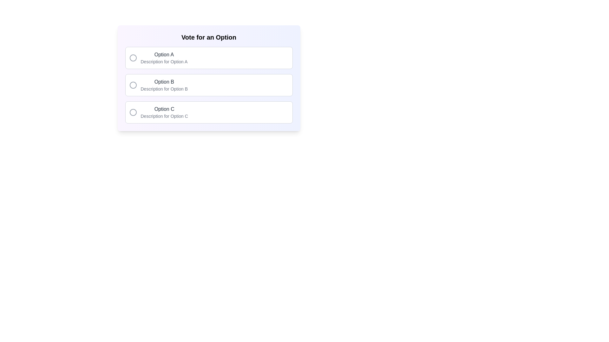 This screenshot has width=609, height=342. Describe the element at coordinates (133, 85) in the screenshot. I see `the inner circle of the radio button associated with 'Option B' in the voting option interface` at that location.